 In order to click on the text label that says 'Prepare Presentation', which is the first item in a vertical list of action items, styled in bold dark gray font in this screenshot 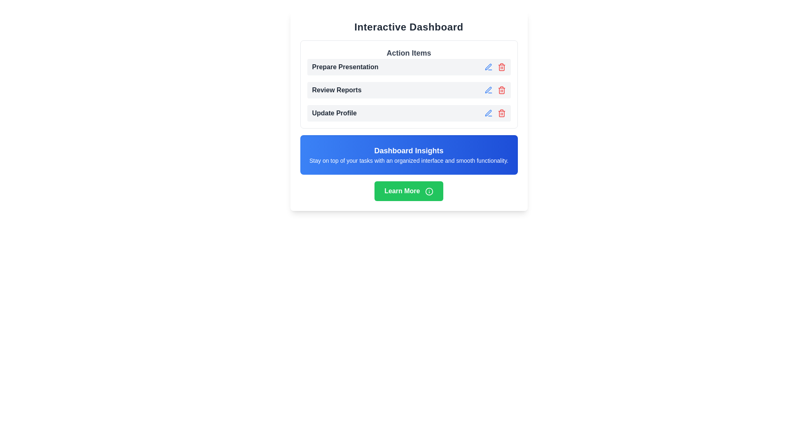, I will do `click(345, 66)`.